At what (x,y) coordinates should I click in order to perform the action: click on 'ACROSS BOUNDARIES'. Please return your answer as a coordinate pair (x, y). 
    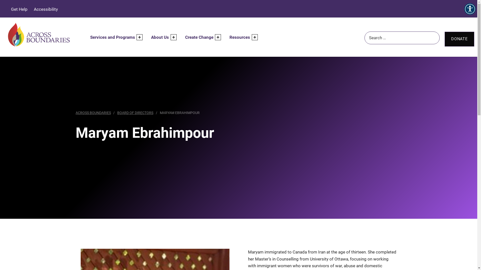
    Looking at the image, I should click on (93, 113).